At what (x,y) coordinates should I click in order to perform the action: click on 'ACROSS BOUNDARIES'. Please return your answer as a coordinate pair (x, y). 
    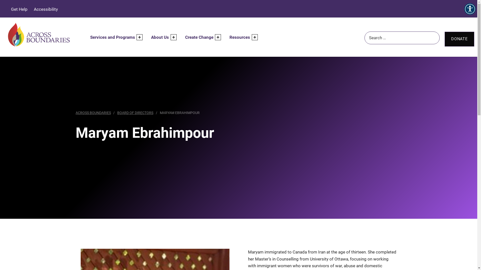
    Looking at the image, I should click on (93, 113).